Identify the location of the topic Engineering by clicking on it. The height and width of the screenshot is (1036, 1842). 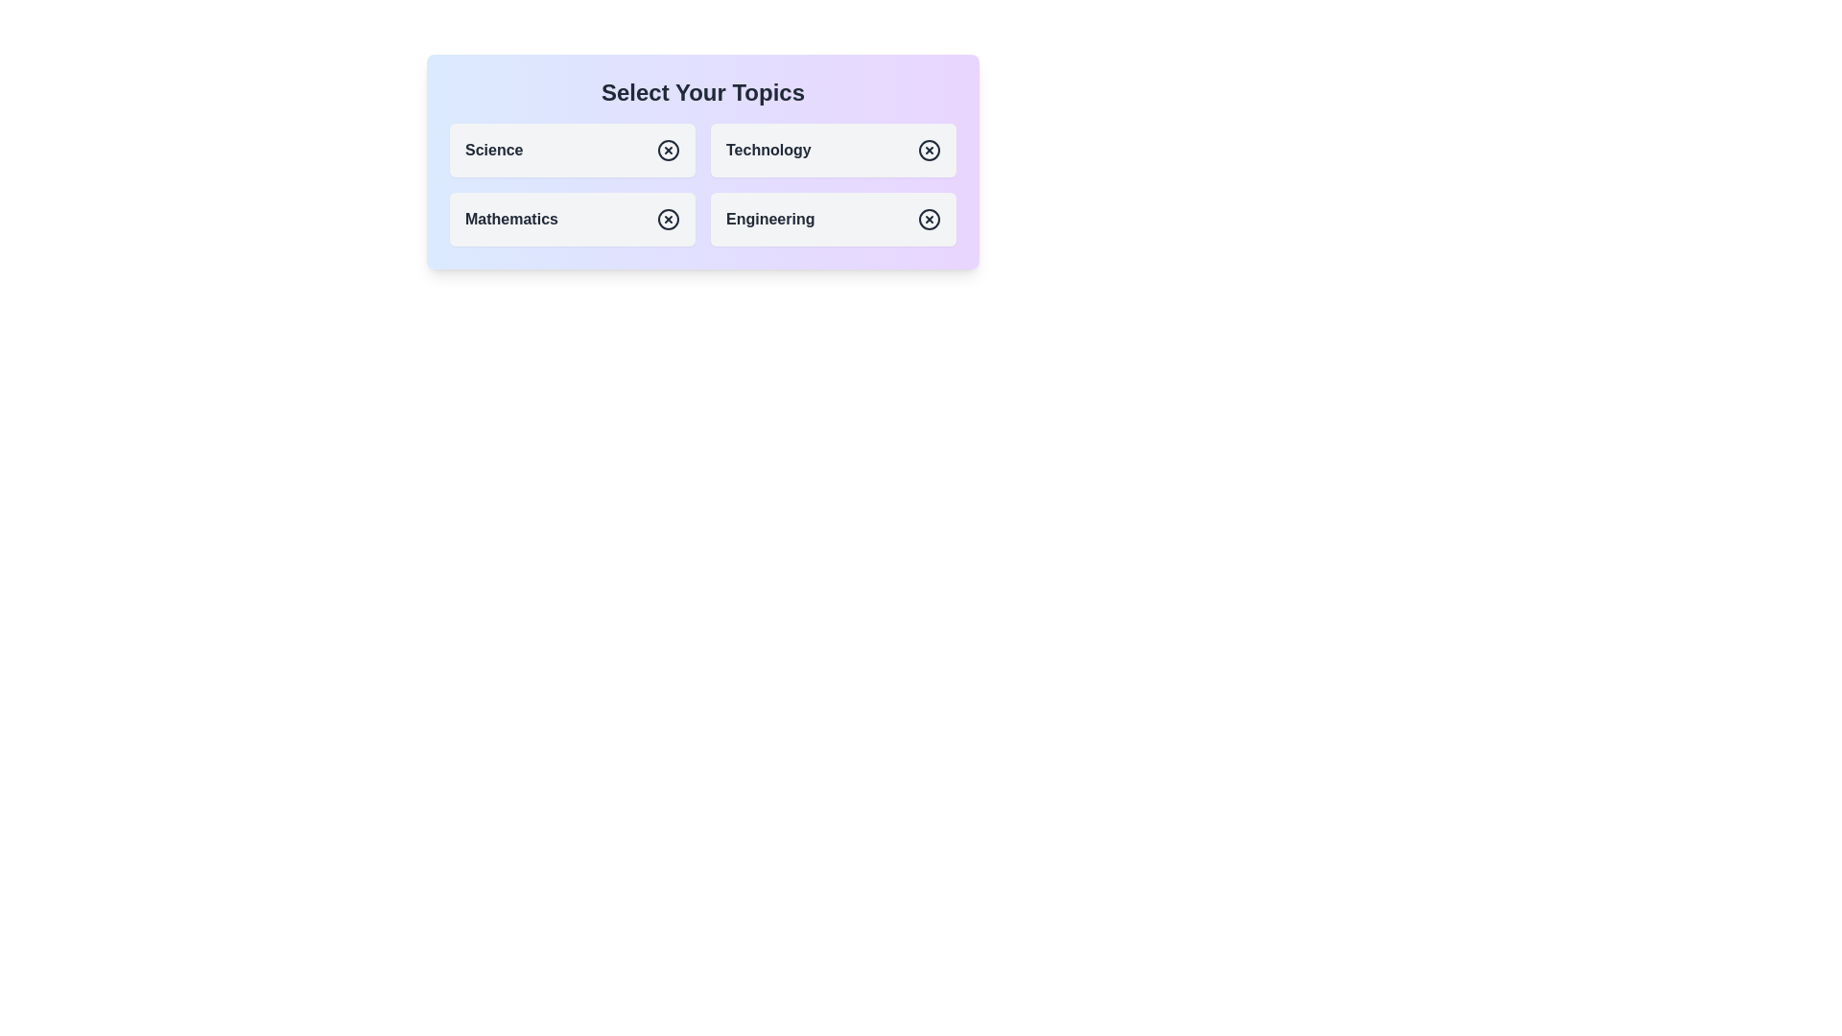
(833, 218).